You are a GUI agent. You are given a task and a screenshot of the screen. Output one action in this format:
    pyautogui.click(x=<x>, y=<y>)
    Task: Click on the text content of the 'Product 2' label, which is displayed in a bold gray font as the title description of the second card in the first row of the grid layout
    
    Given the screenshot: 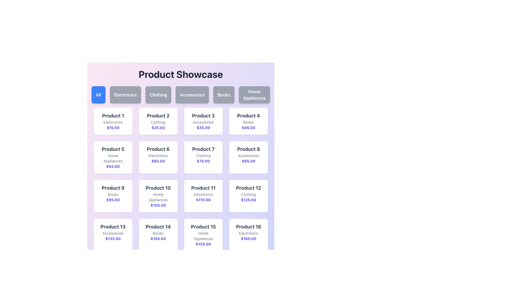 What is the action you would take?
    pyautogui.click(x=158, y=115)
    